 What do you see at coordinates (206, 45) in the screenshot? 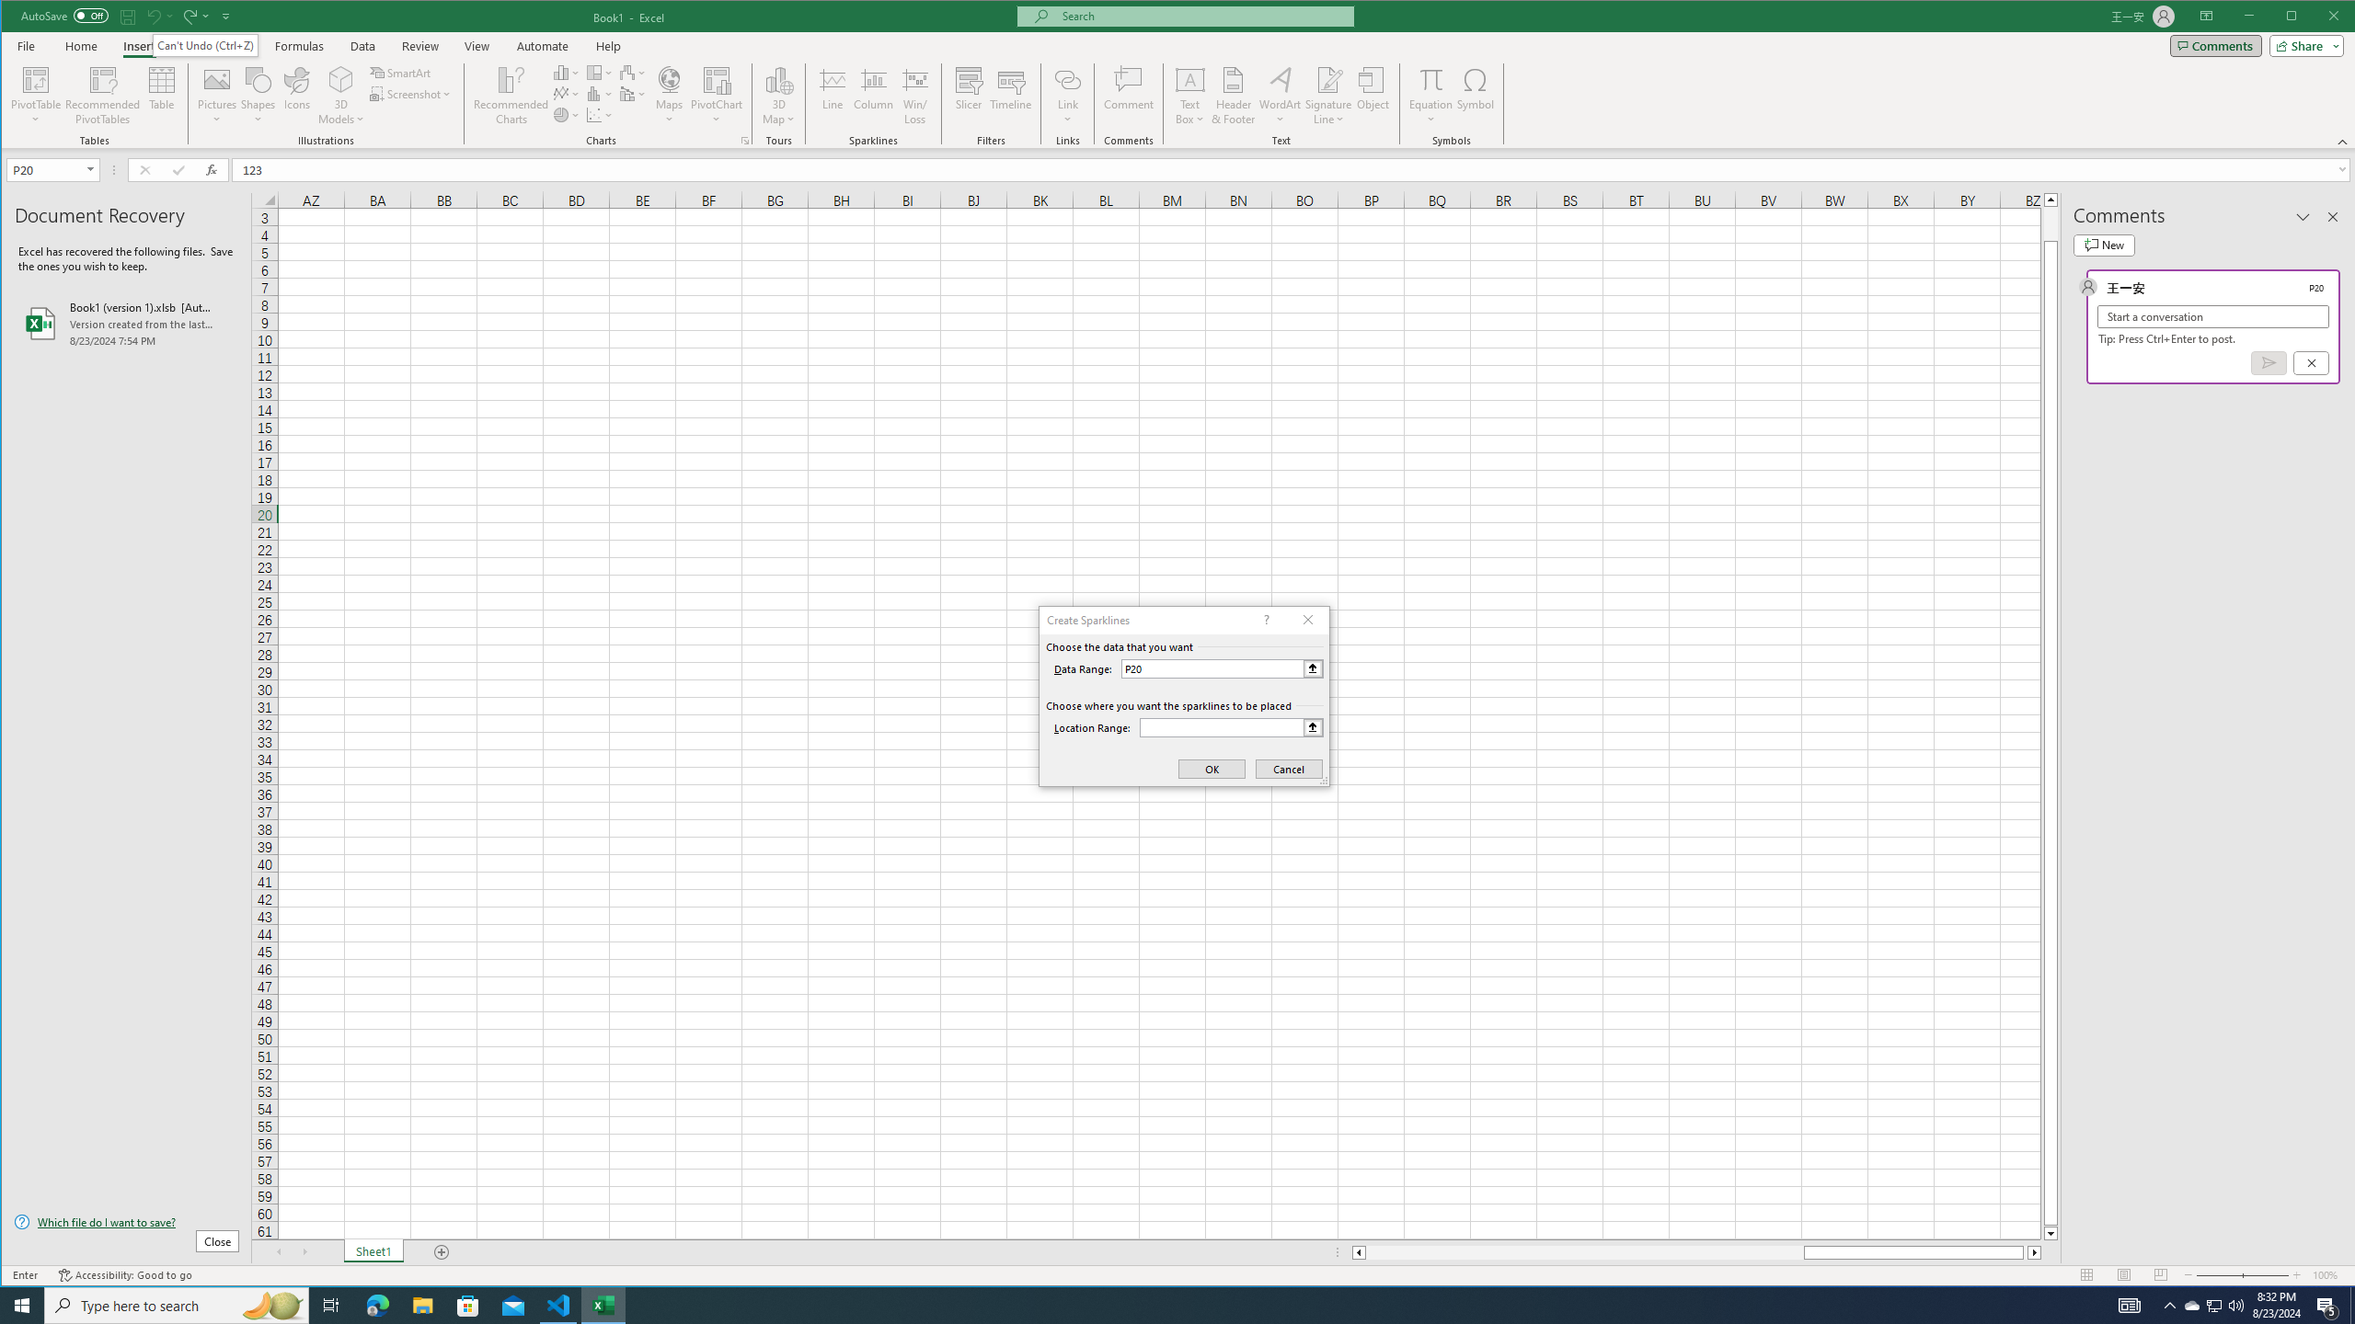
I see `'Can'` at bounding box center [206, 45].